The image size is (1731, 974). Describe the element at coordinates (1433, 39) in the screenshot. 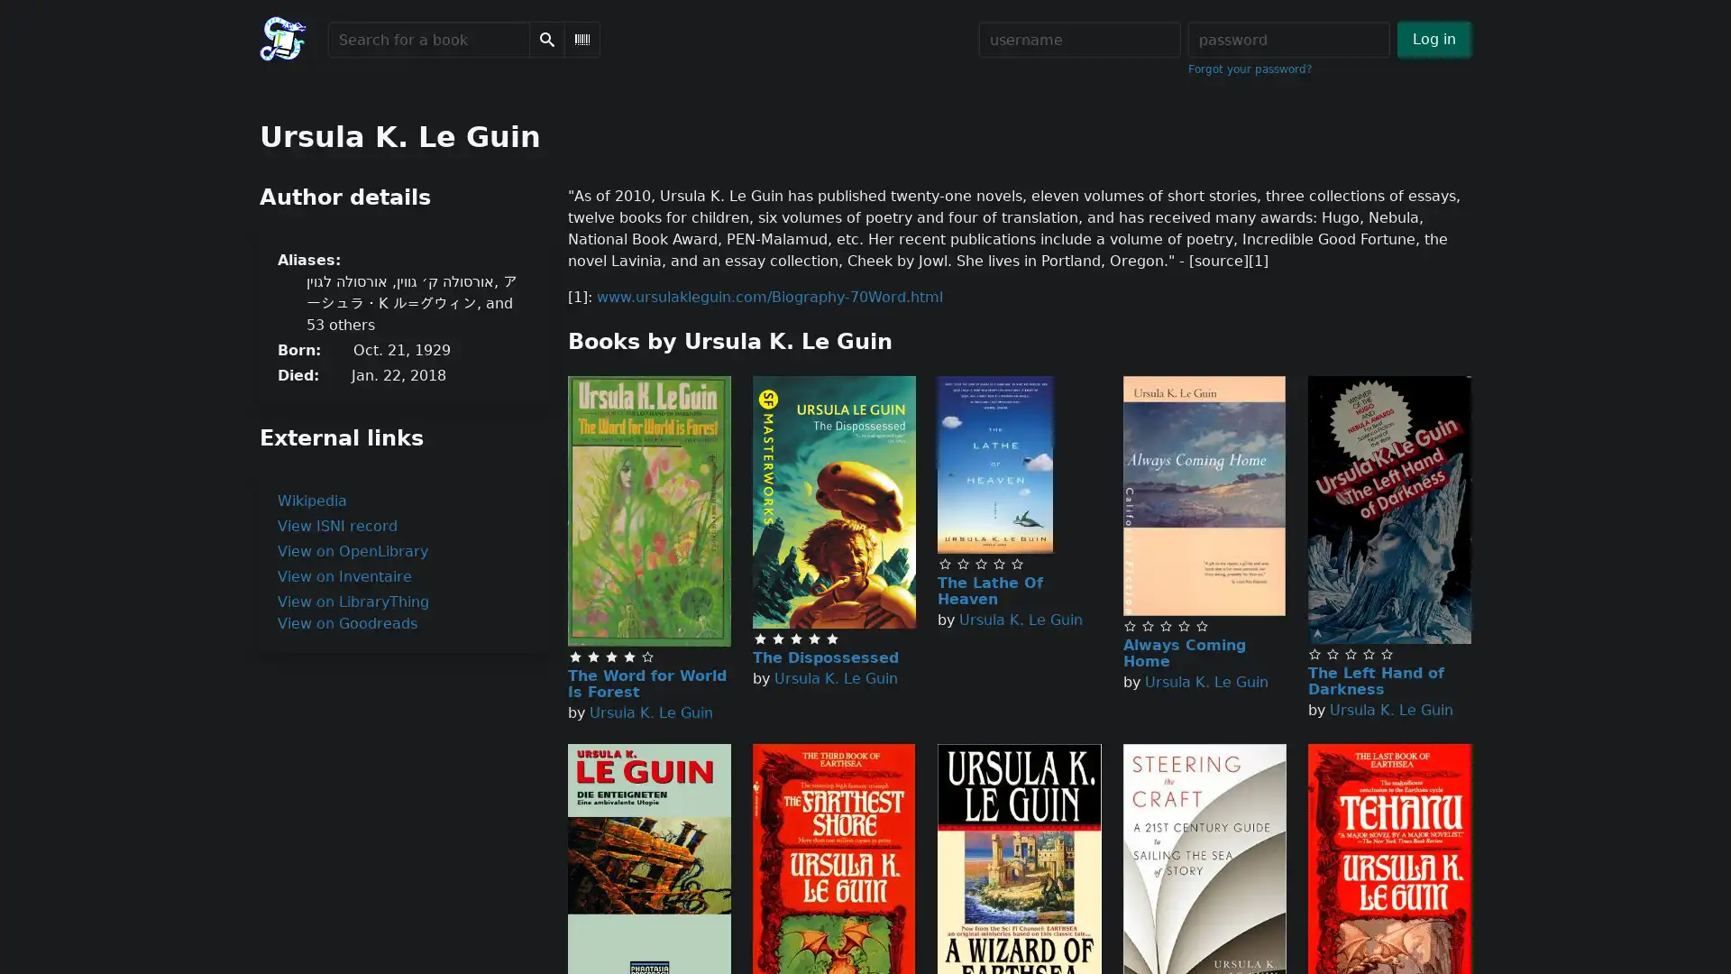

I see `Log in` at that location.